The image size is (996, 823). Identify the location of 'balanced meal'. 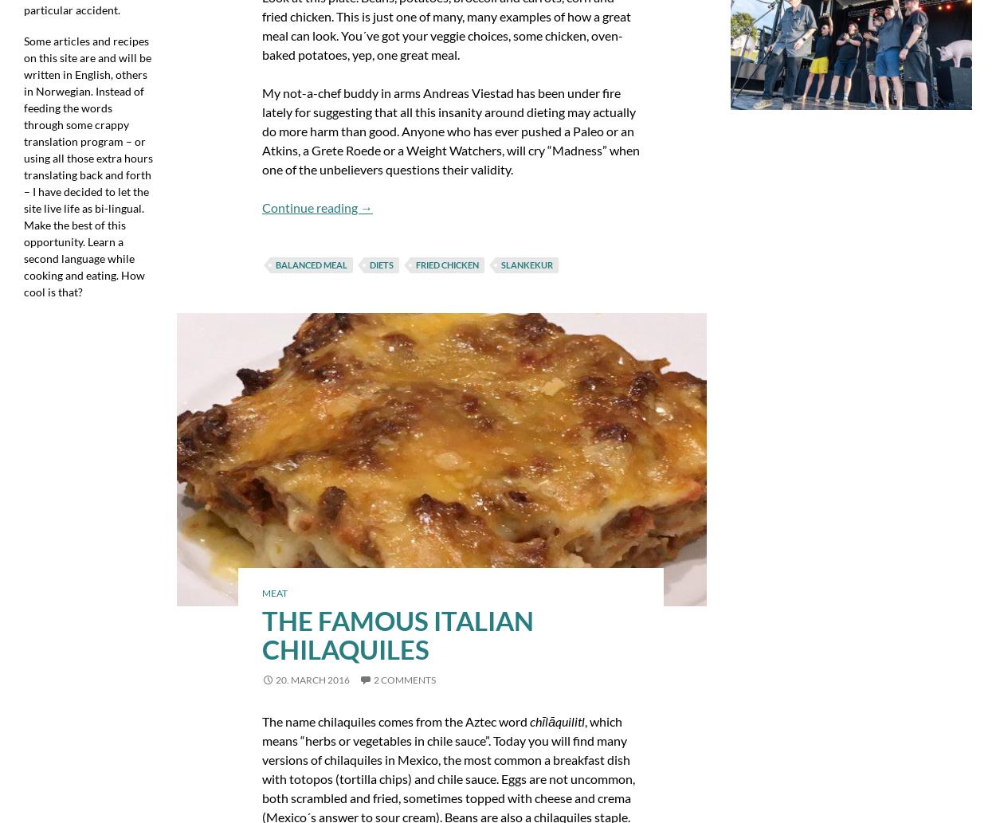
(311, 263).